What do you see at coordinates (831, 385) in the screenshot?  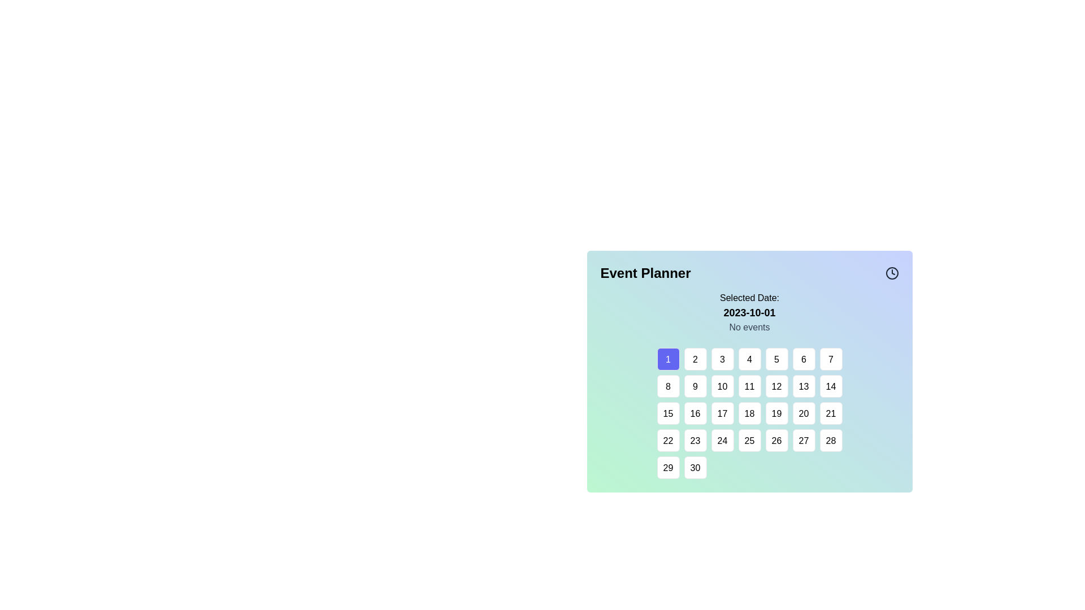 I see `the square-shaped button with a white background and the text '14' centered in black, located in the third row, seventh column of a grid layout, to trigger a visual change` at bounding box center [831, 385].